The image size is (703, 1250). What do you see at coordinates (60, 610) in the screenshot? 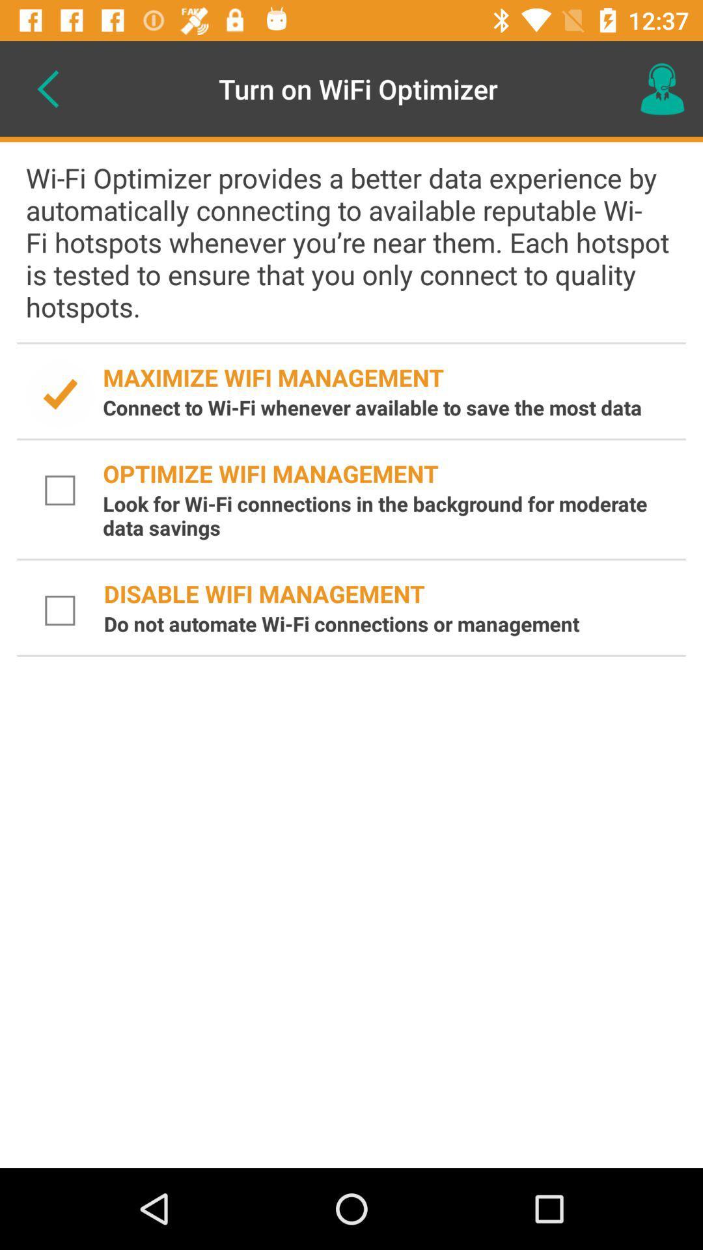
I see `unchecked box` at bounding box center [60, 610].